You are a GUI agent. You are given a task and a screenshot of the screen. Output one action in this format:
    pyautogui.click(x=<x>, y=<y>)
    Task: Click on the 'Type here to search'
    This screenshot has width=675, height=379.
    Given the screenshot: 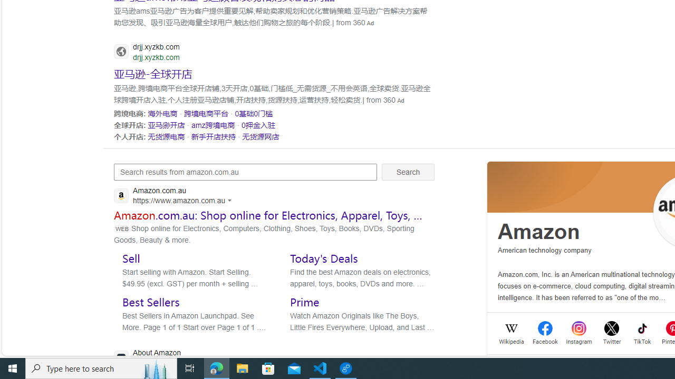 What is the action you would take?
    pyautogui.click(x=101, y=367)
    